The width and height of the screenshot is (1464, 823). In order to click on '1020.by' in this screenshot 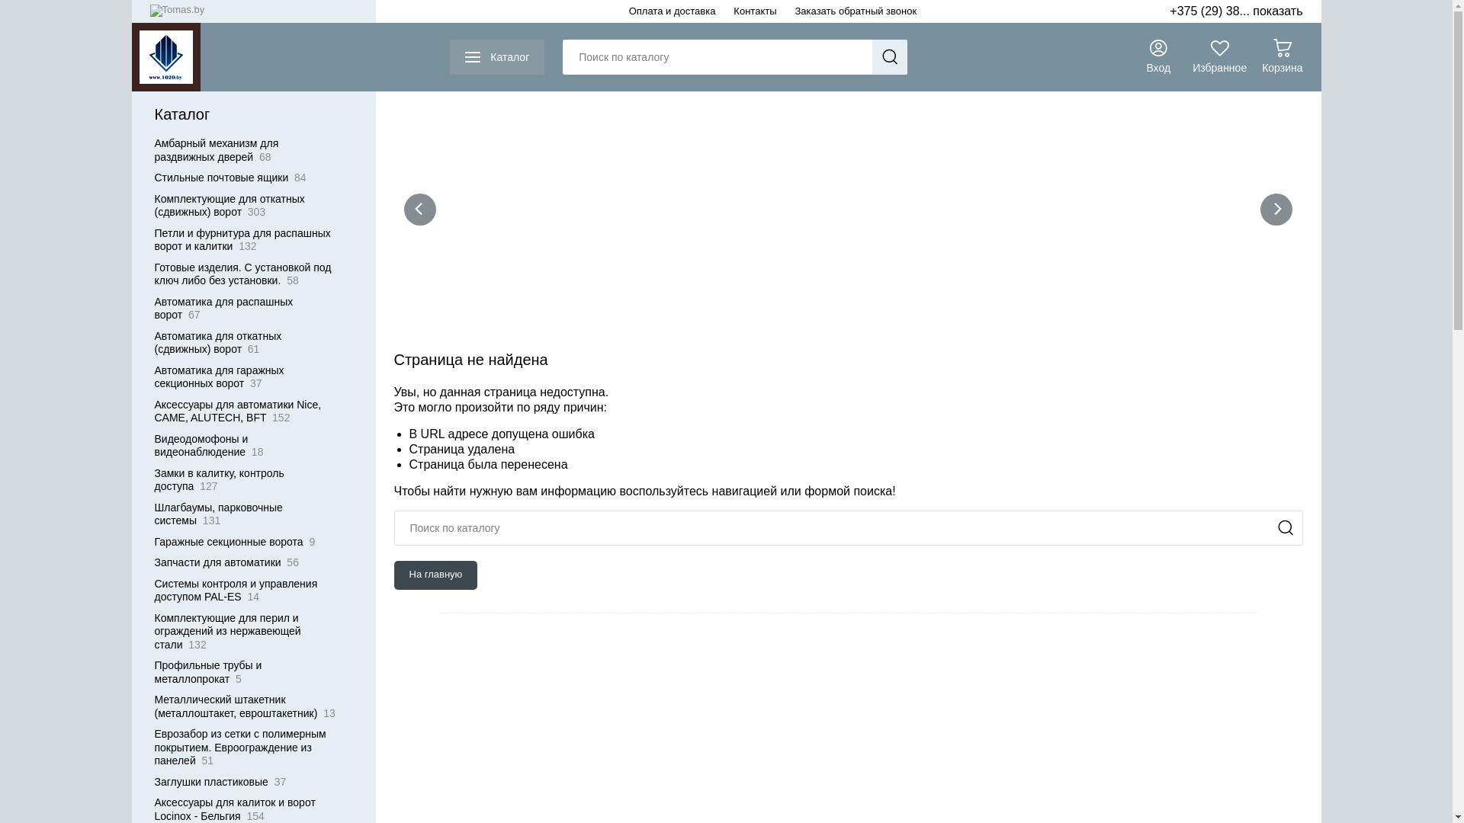, I will do `click(165, 56)`.